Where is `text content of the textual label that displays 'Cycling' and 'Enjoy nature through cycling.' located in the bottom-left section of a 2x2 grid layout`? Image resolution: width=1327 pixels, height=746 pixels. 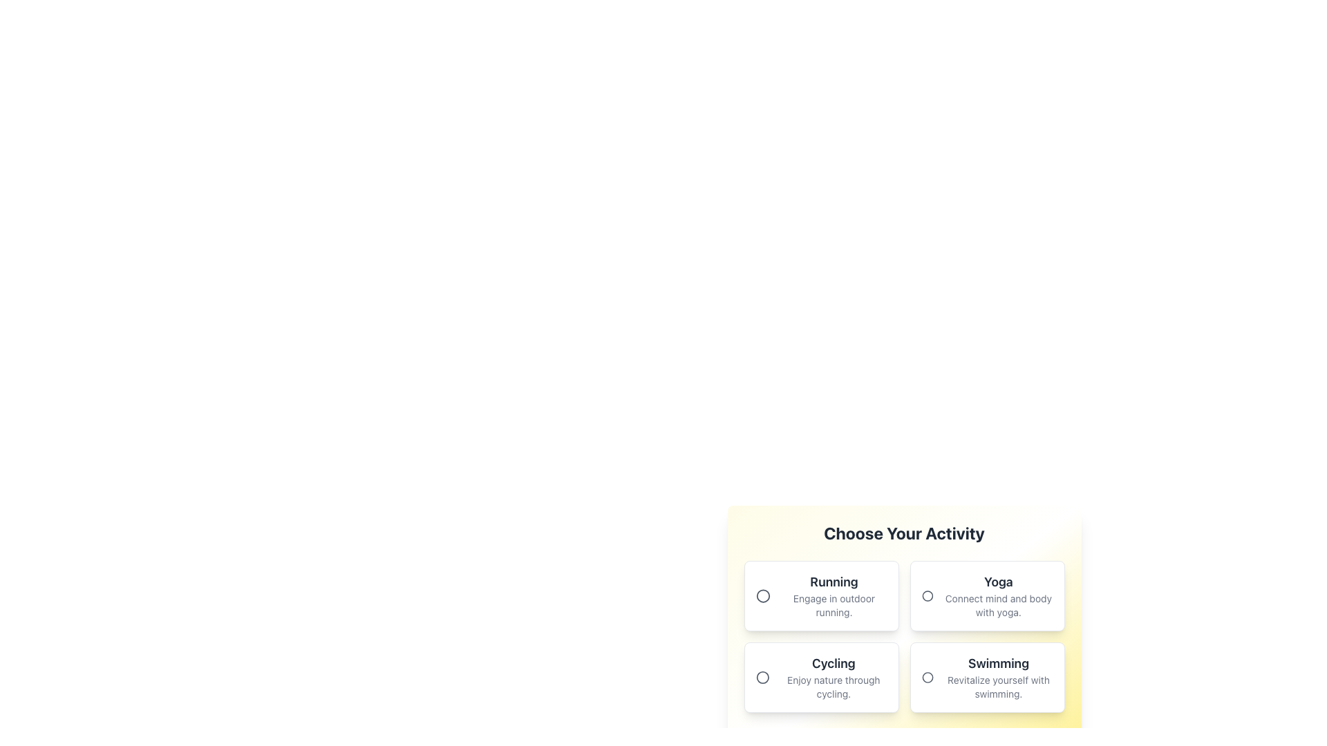 text content of the textual label that displays 'Cycling' and 'Enjoy nature through cycling.' located in the bottom-left section of a 2x2 grid layout is located at coordinates (833, 676).